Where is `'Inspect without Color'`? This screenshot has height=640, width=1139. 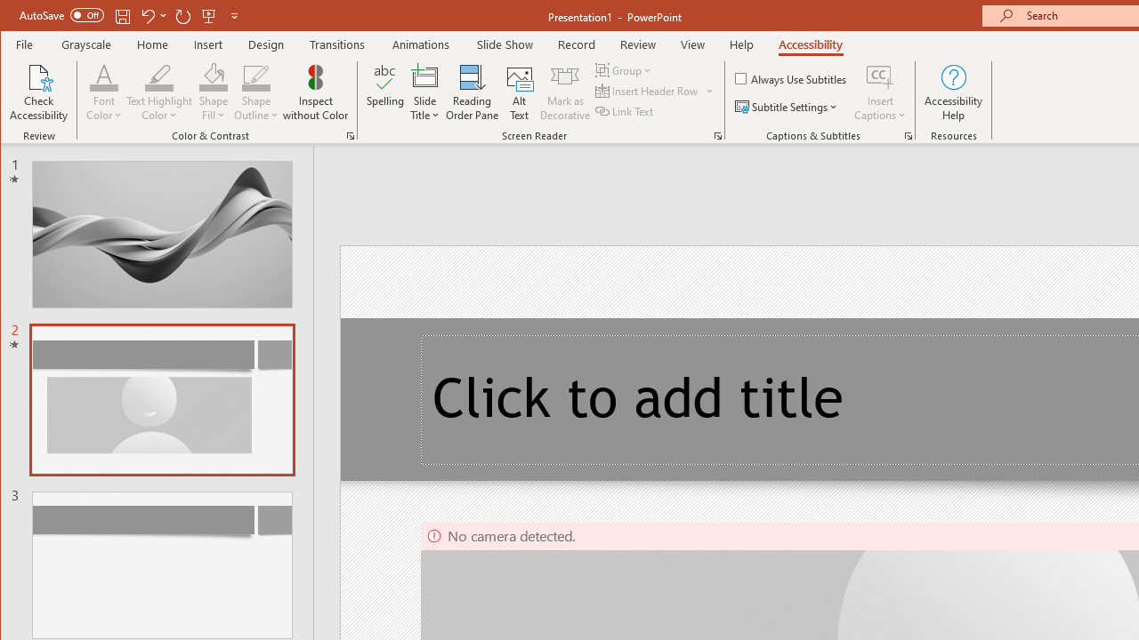 'Inspect without Color' is located at coordinates (316, 92).